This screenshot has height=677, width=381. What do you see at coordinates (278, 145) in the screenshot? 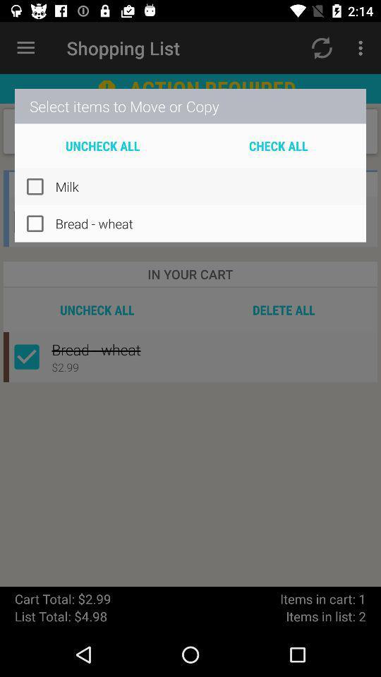
I see `the item to the right of the uncheck all` at bounding box center [278, 145].